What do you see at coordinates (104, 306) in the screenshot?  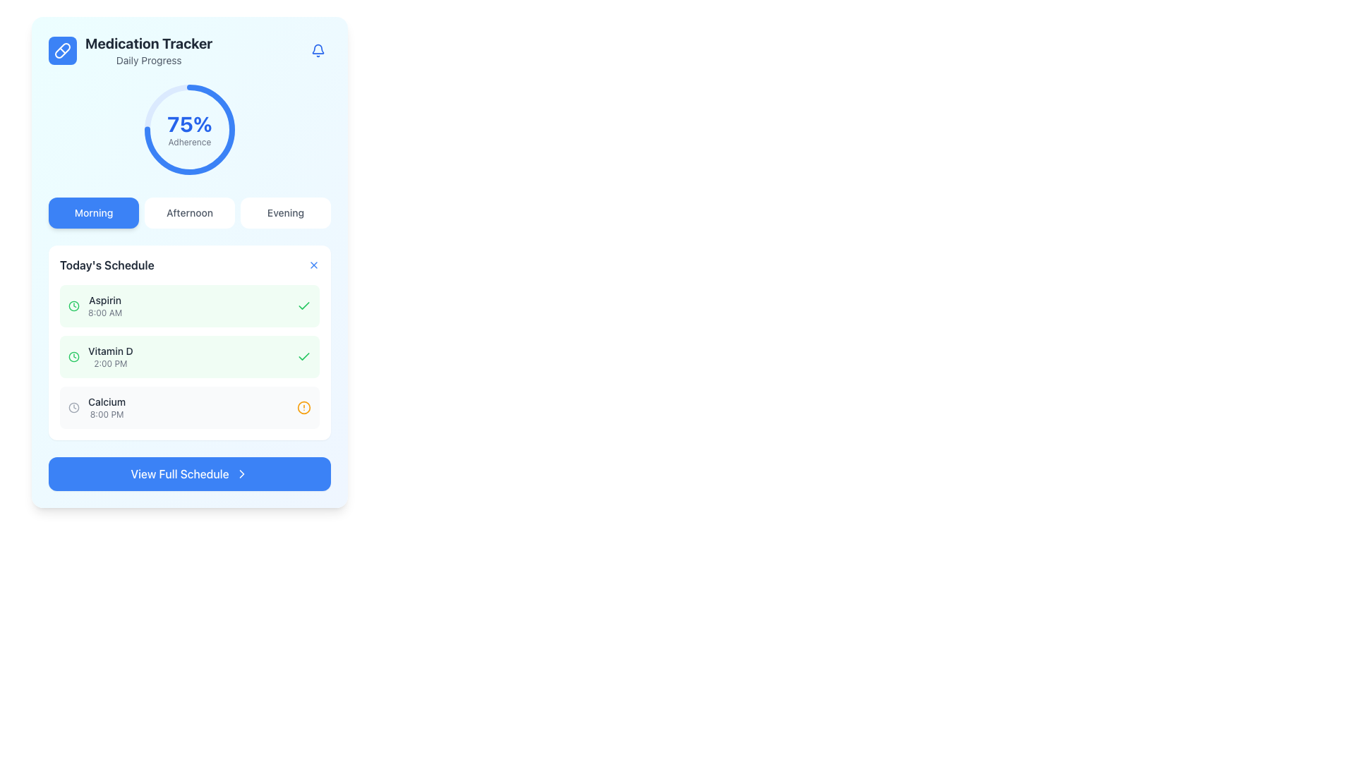 I see `the scheduled medication display for 'Aspirin' at 8:00 AM, located at the top of the 'Today's Schedule' list` at bounding box center [104, 306].